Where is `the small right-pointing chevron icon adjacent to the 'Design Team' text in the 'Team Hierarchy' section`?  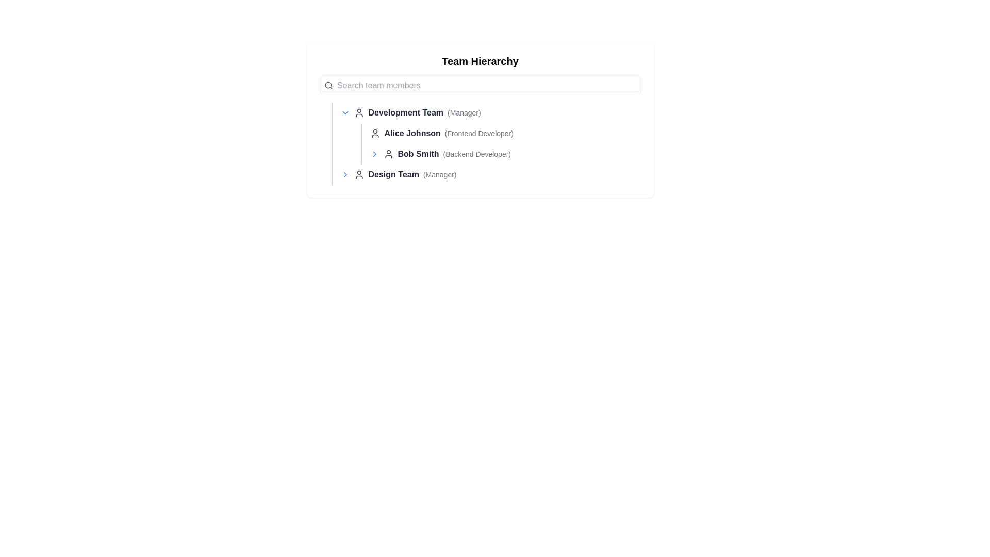 the small right-pointing chevron icon adjacent to the 'Design Team' text in the 'Team Hierarchy' section is located at coordinates (374, 154).